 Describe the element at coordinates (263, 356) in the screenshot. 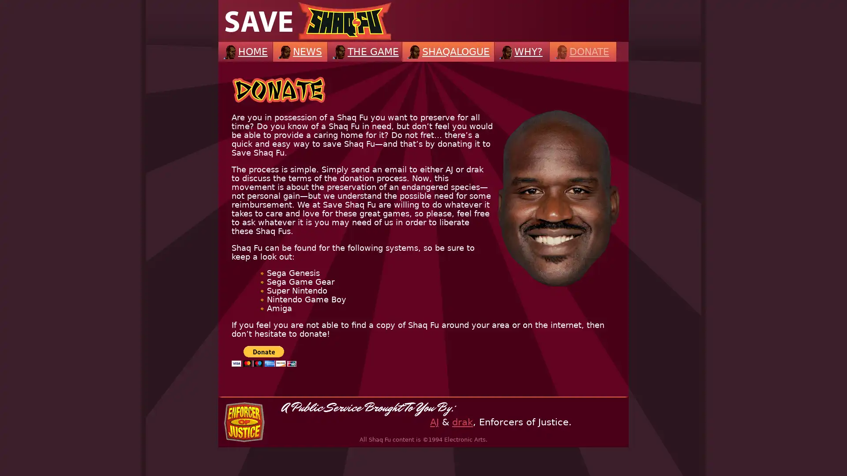

I see `PayPal - The safer, easier way to pay online!` at that location.